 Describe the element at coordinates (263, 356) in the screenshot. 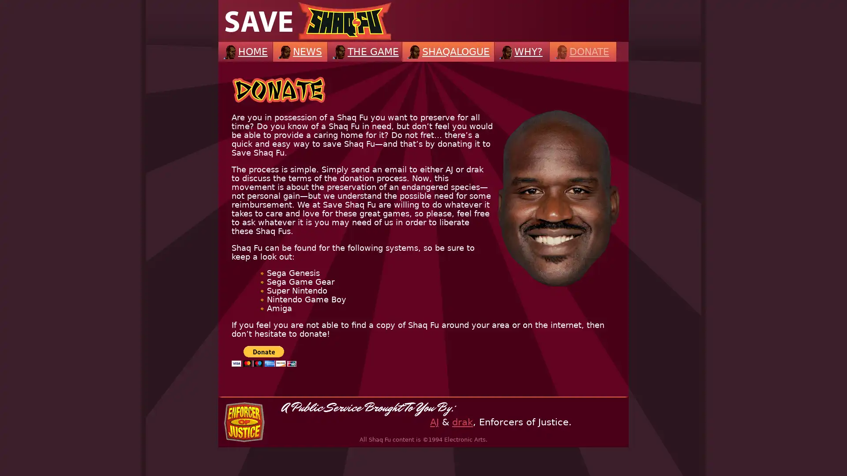

I see `PayPal - The safer, easier way to pay online!` at that location.